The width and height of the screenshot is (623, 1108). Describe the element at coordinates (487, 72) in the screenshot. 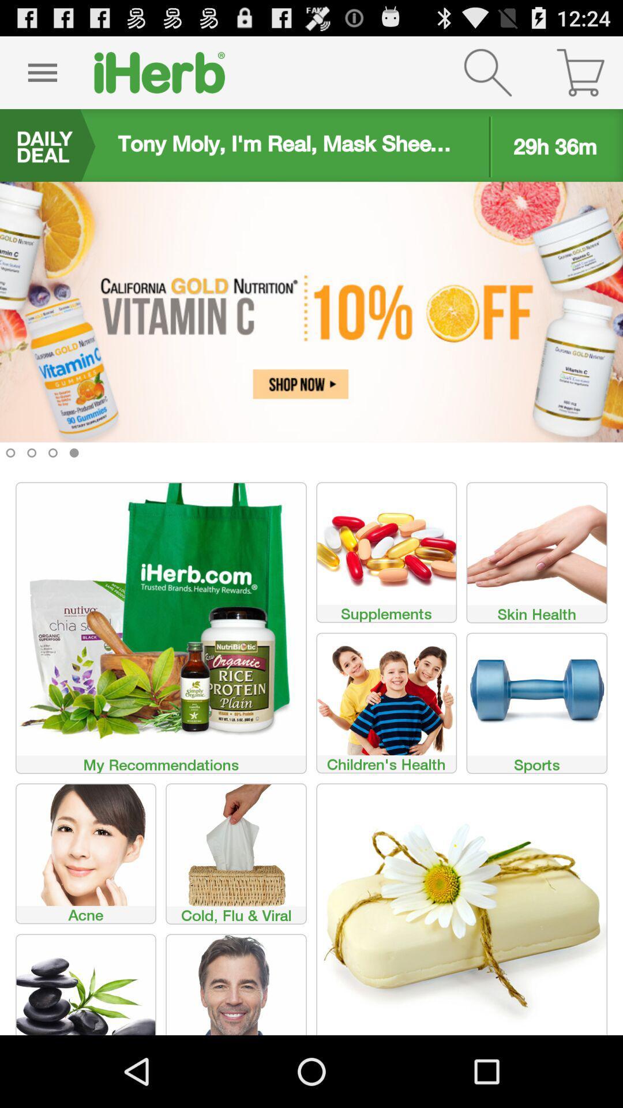

I see `search function` at that location.